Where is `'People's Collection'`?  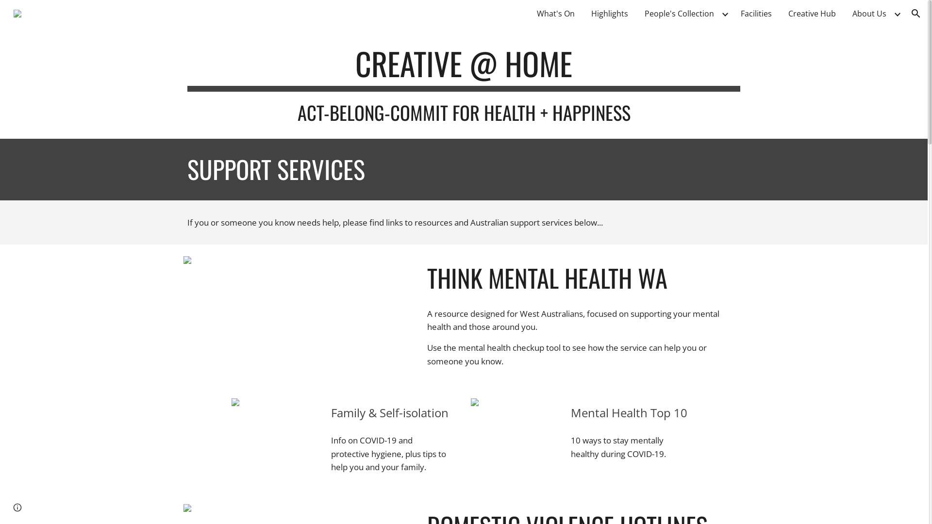
'People's Collection' is located at coordinates (640, 13).